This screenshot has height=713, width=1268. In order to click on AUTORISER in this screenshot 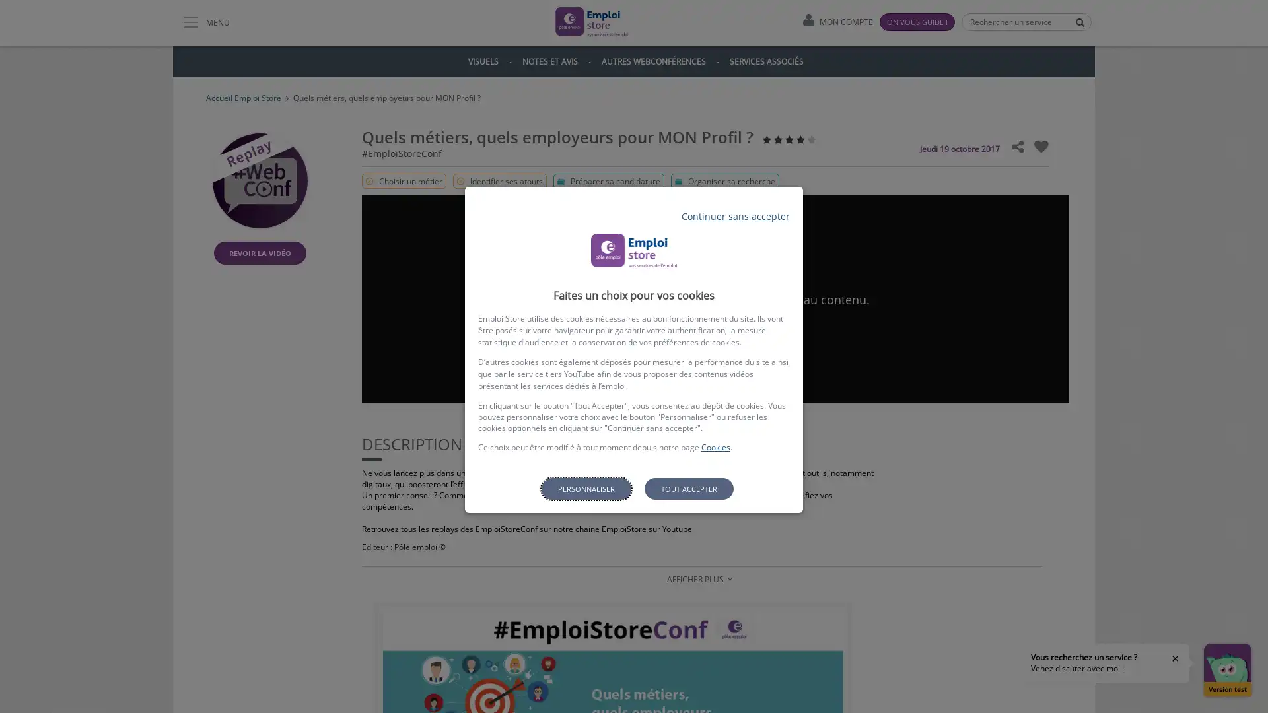, I will do `click(715, 334)`.